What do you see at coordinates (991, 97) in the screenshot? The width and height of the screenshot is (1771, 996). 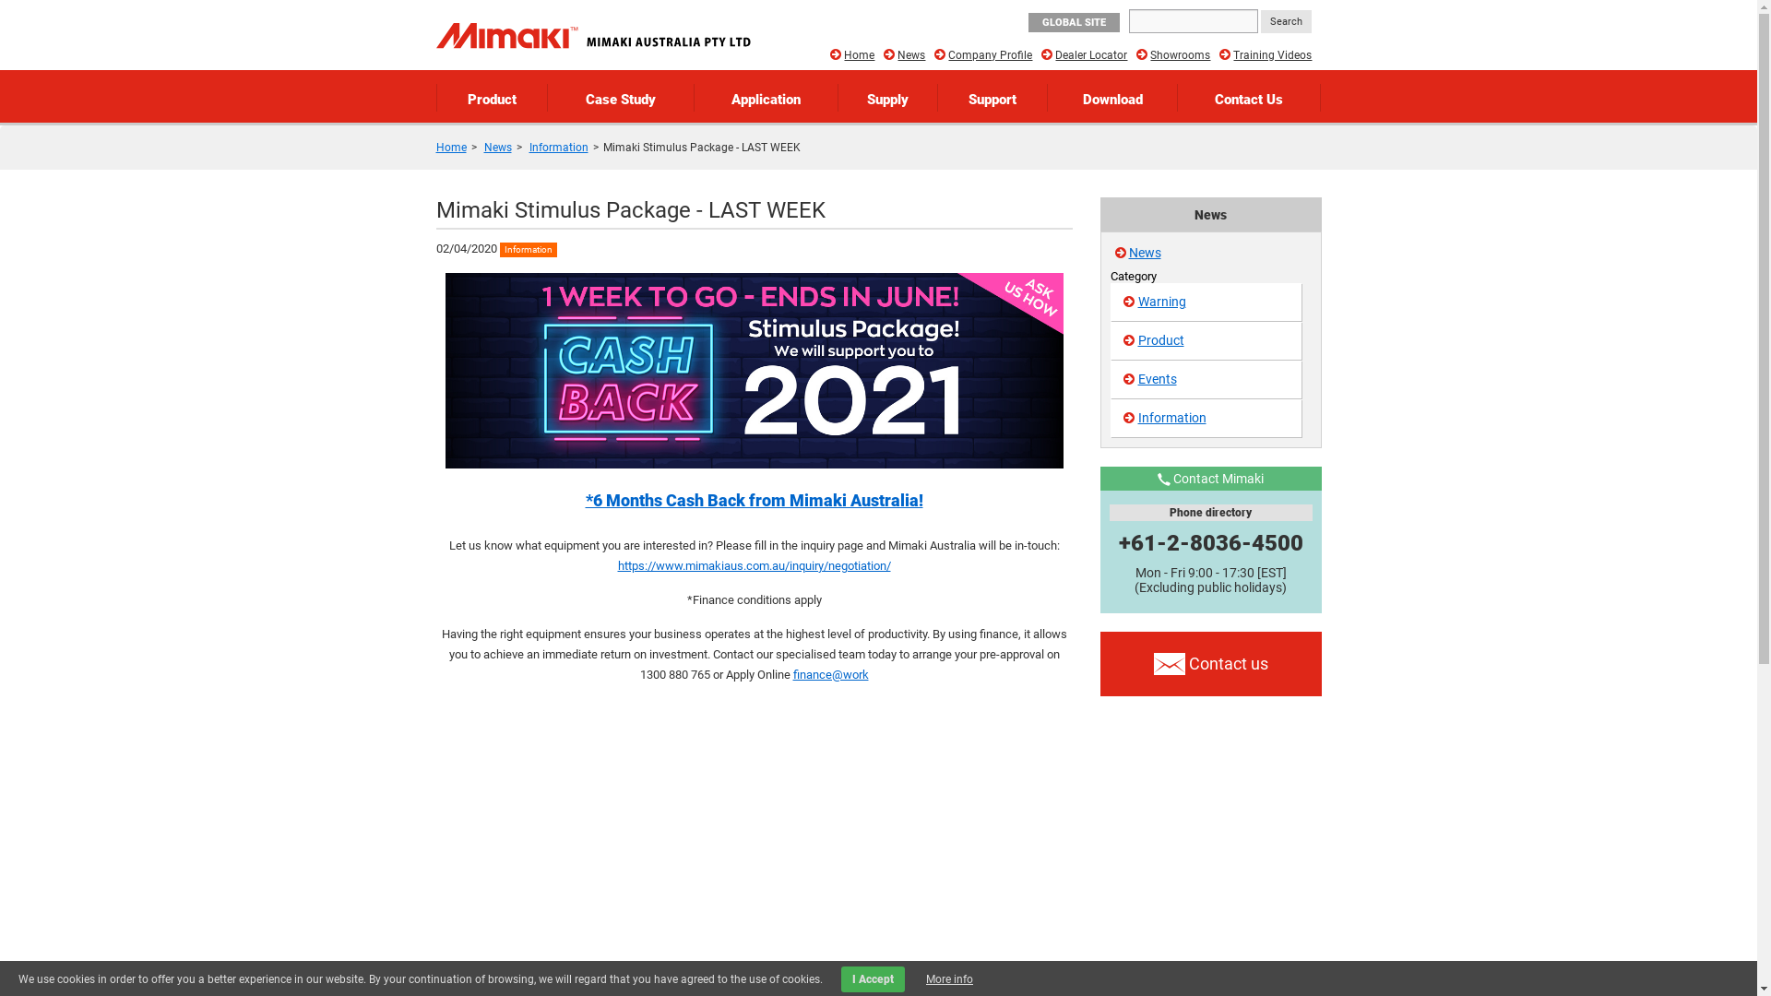 I see `'Support'` at bounding box center [991, 97].